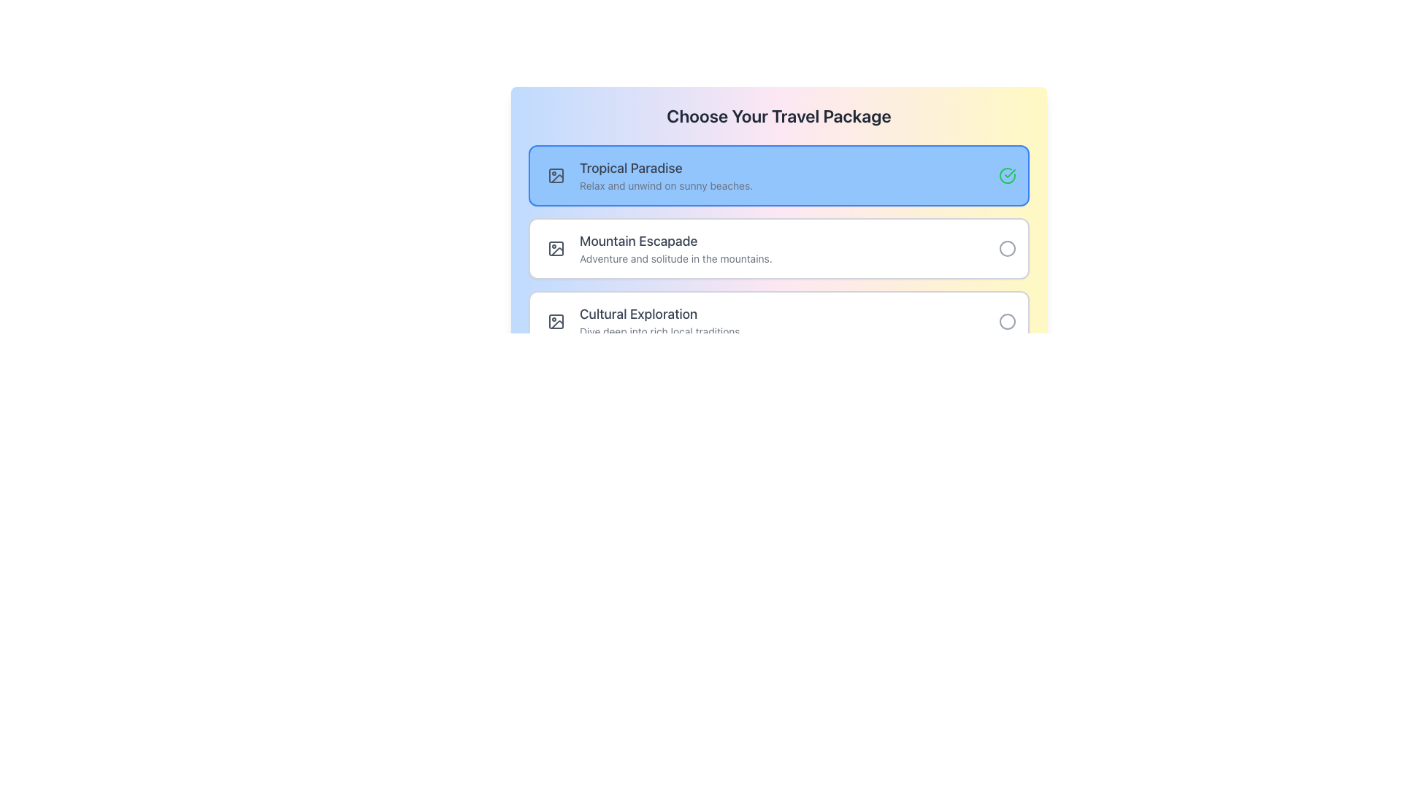 The width and height of the screenshot is (1402, 788). What do you see at coordinates (1009, 173) in the screenshot?
I see `the checkmark SVG icon located at the top-right corner of the blue-highlighted 'Tropical Paradise' selection card to indicate that the option is selected` at bounding box center [1009, 173].